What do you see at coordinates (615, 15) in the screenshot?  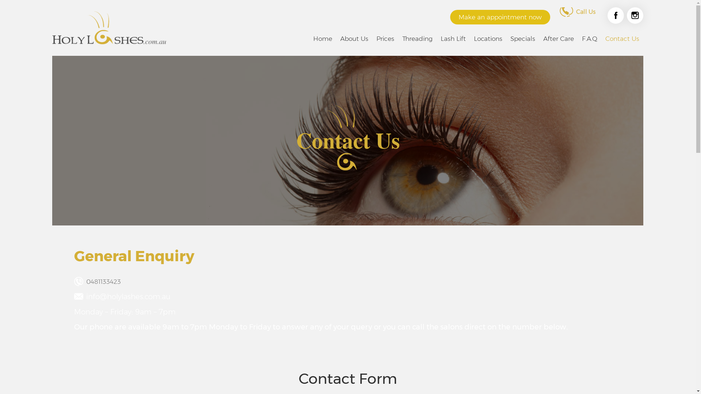 I see `'Facebook'` at bounding box center [615, 15].